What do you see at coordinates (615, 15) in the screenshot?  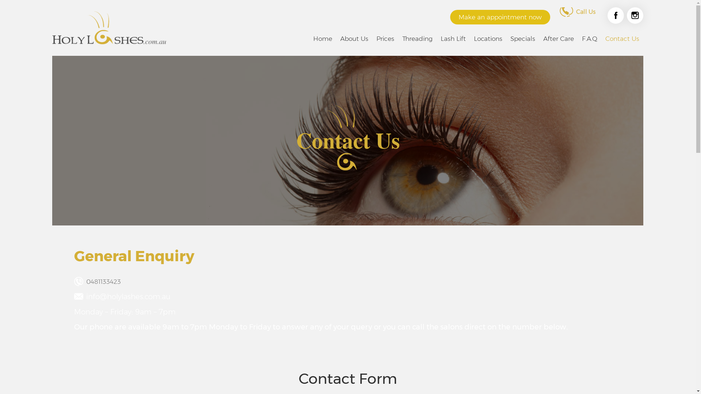 I see `'Facebook'` at bounding box center [615, 15].